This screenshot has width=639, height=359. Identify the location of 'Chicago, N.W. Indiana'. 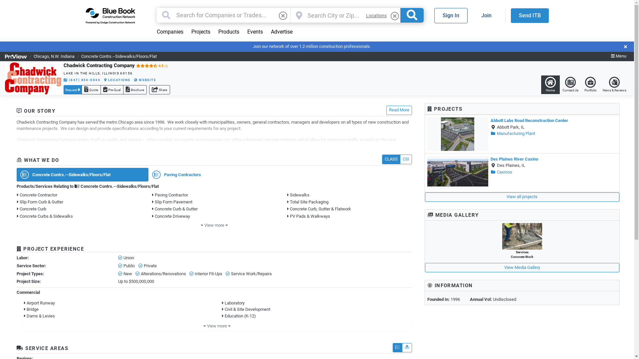
(54, 56).